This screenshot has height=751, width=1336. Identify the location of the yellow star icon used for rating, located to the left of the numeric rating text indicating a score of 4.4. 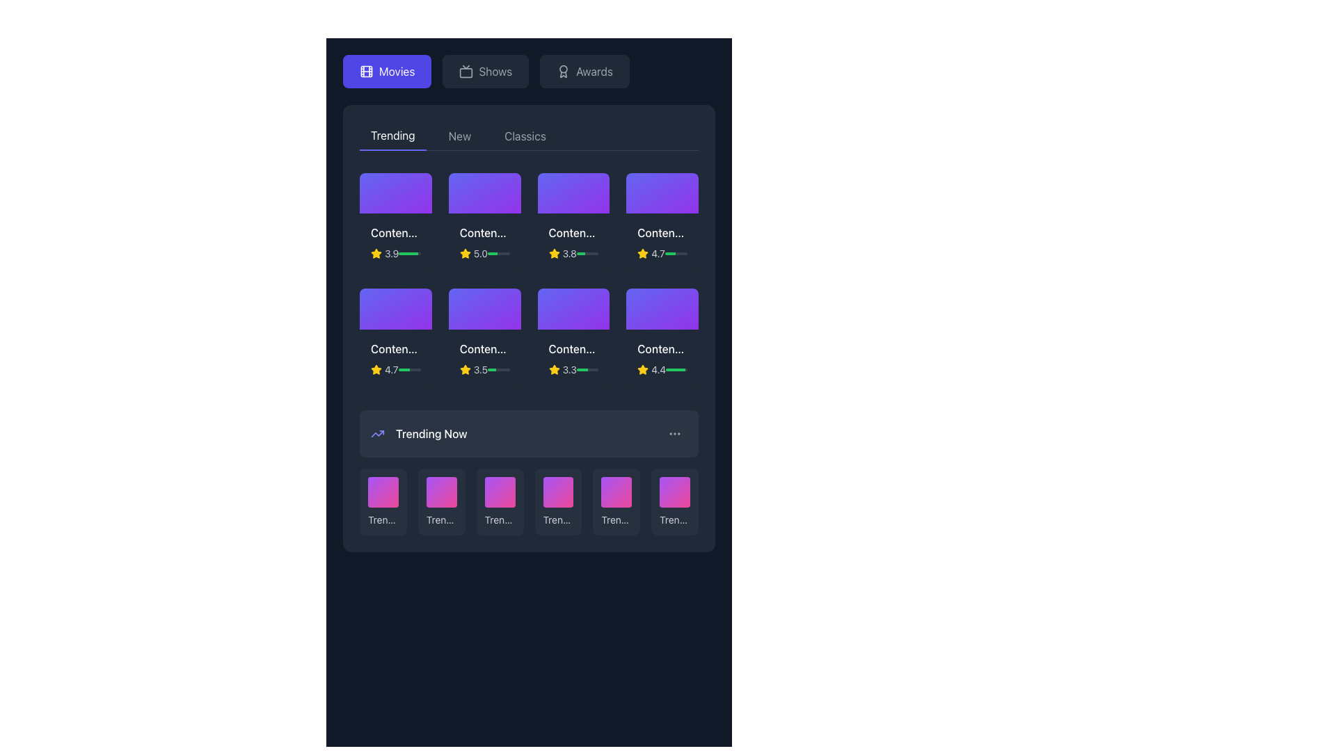
(642, 369).